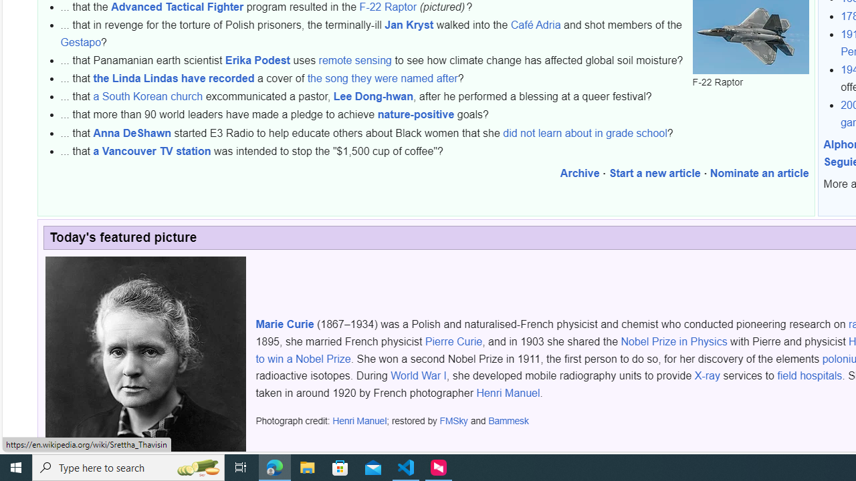  What do you see at coordinates (706, 375) in the screenshot?
I see `'X-ray'` at bounding box center [706, 375].